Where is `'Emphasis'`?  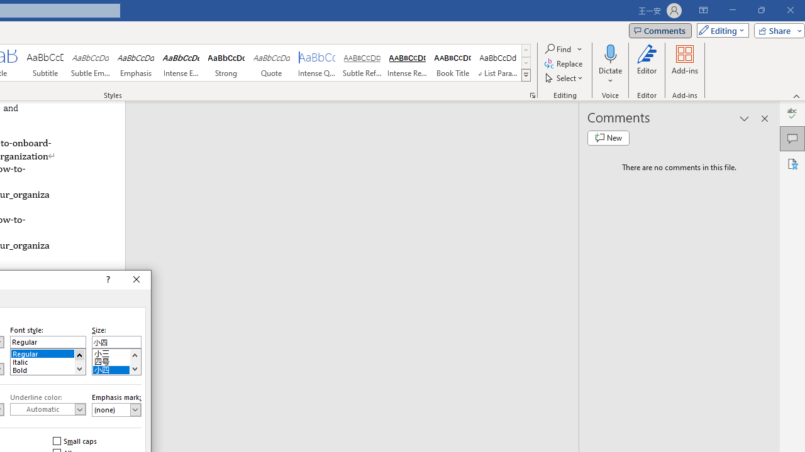
'Emphasis' is located at coordinates (136, 63).